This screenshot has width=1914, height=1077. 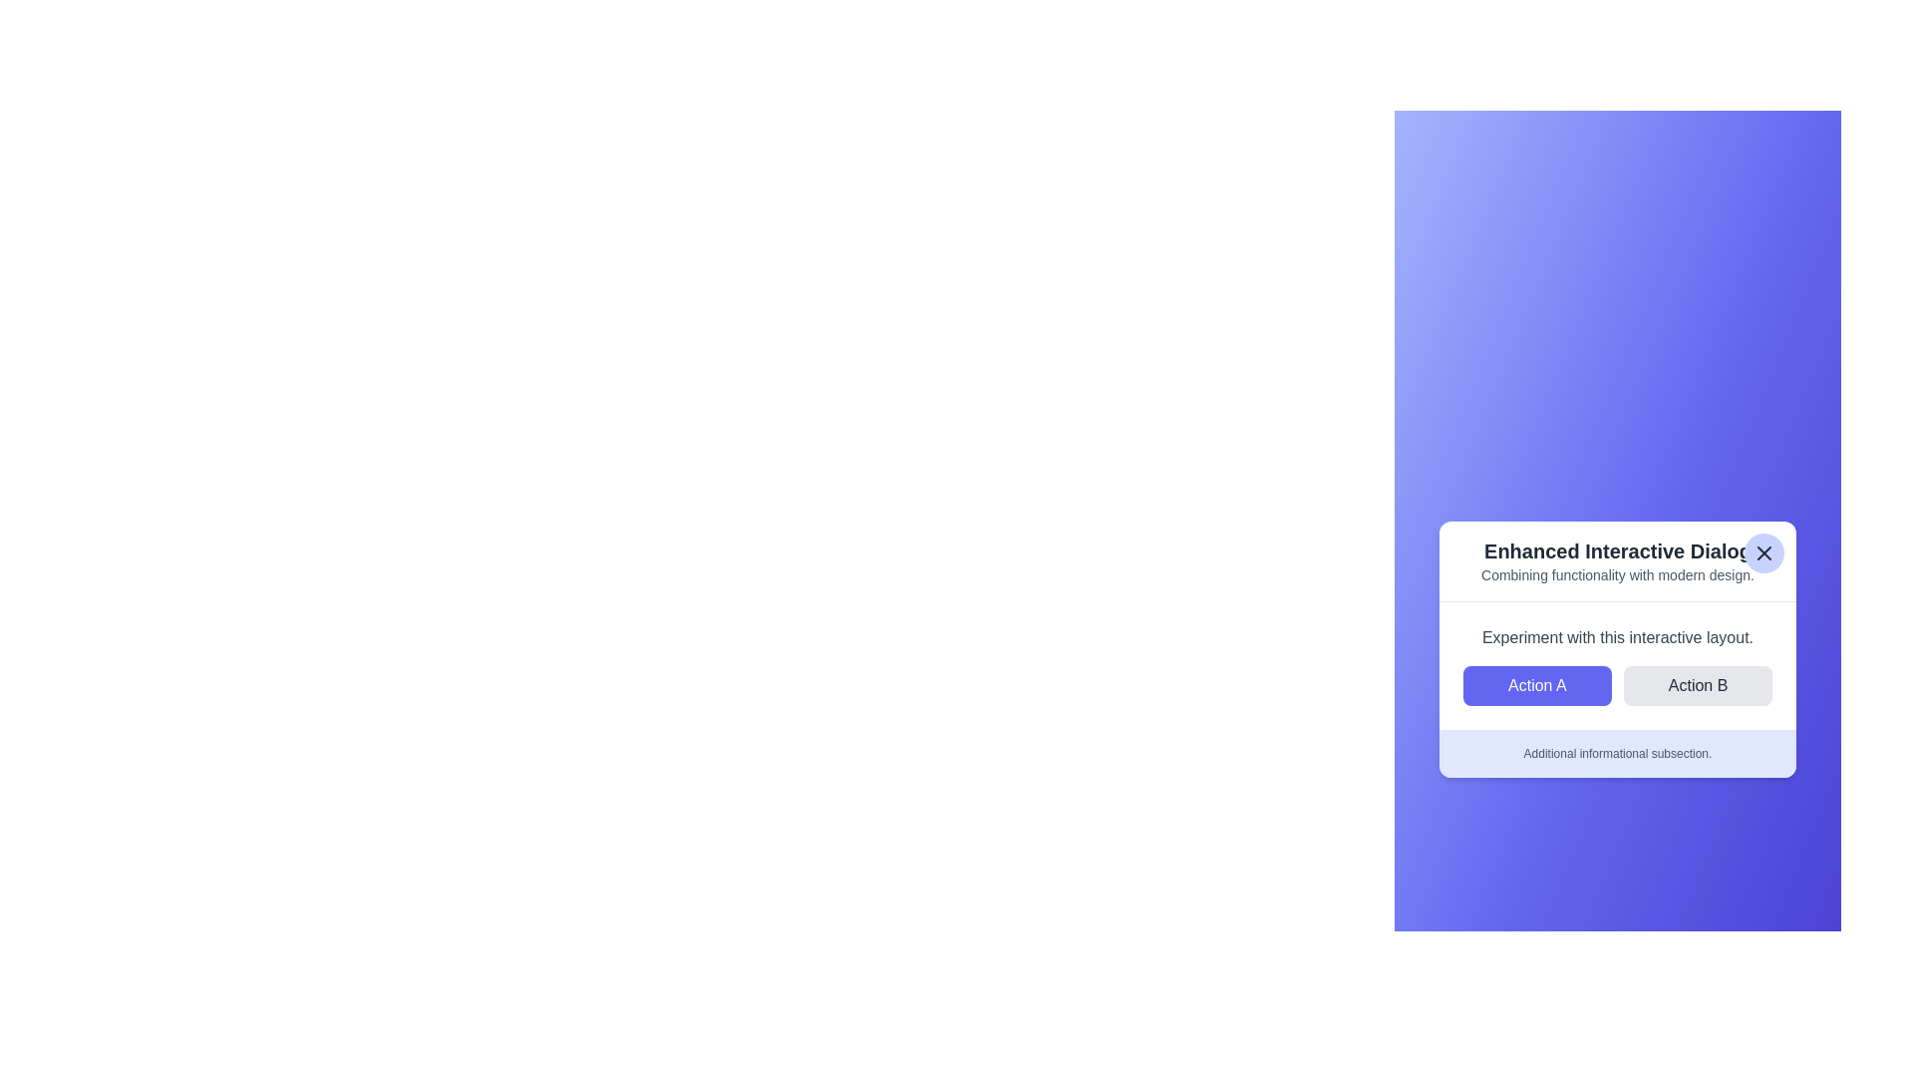 I want to click on the diagonal line of the 'X' icon in the upper-right corner of the 'Enhanced Interactive Dialog' dialog box, so click(x=1764, y=552).